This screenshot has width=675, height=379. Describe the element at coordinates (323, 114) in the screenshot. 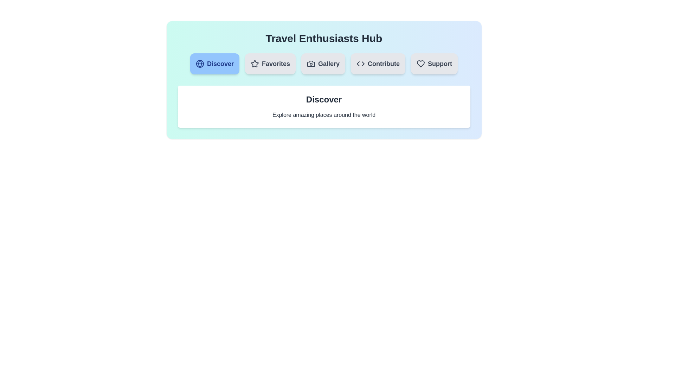

I see `descriptive subtitle text located just below the 'Discover' heading, which provides an engaging preview of the content in the 'Discover' section` at that location.